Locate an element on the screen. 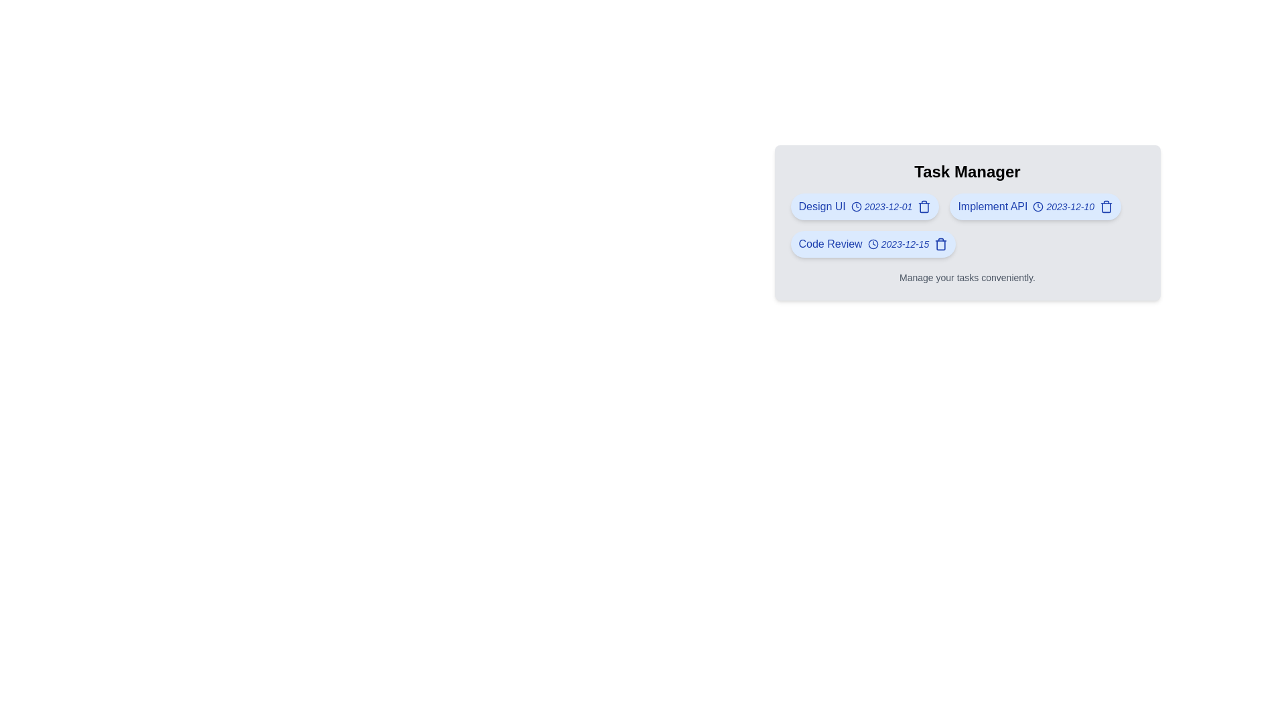 This screenshot has width=1286, height=723. the trash icon to remove the task named Design UI is located at coordinates (924, 206).